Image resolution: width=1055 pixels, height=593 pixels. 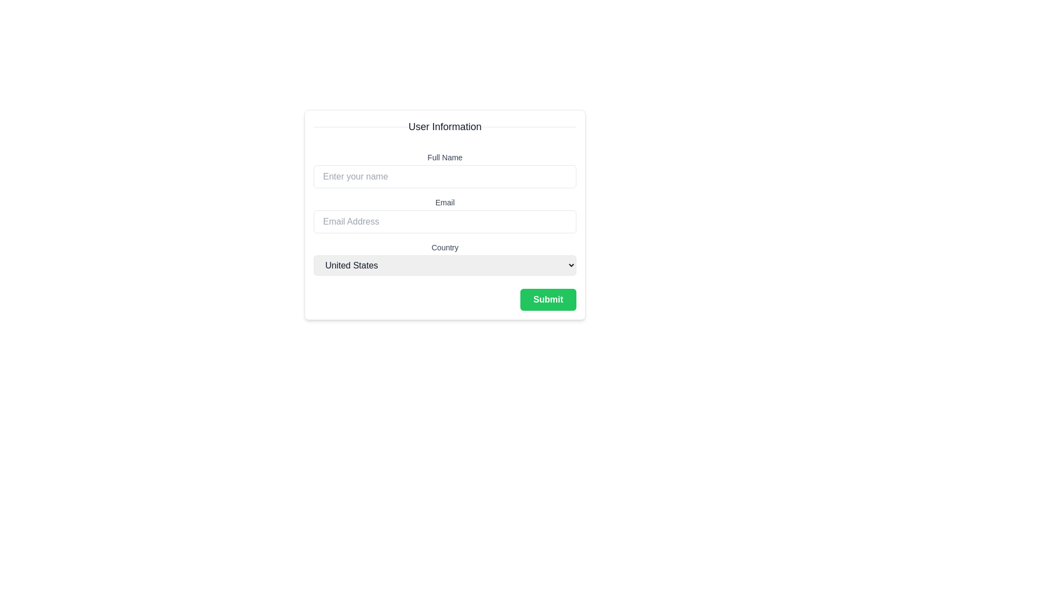 What do you see at coordinates (445, 203) in the screenshot?
I see `the label element that indicates the purpose of the associated input field for collecting an email address, which is located above the 'Email Address' input field in the 'User Information' form` at bounding box center [445, 203].